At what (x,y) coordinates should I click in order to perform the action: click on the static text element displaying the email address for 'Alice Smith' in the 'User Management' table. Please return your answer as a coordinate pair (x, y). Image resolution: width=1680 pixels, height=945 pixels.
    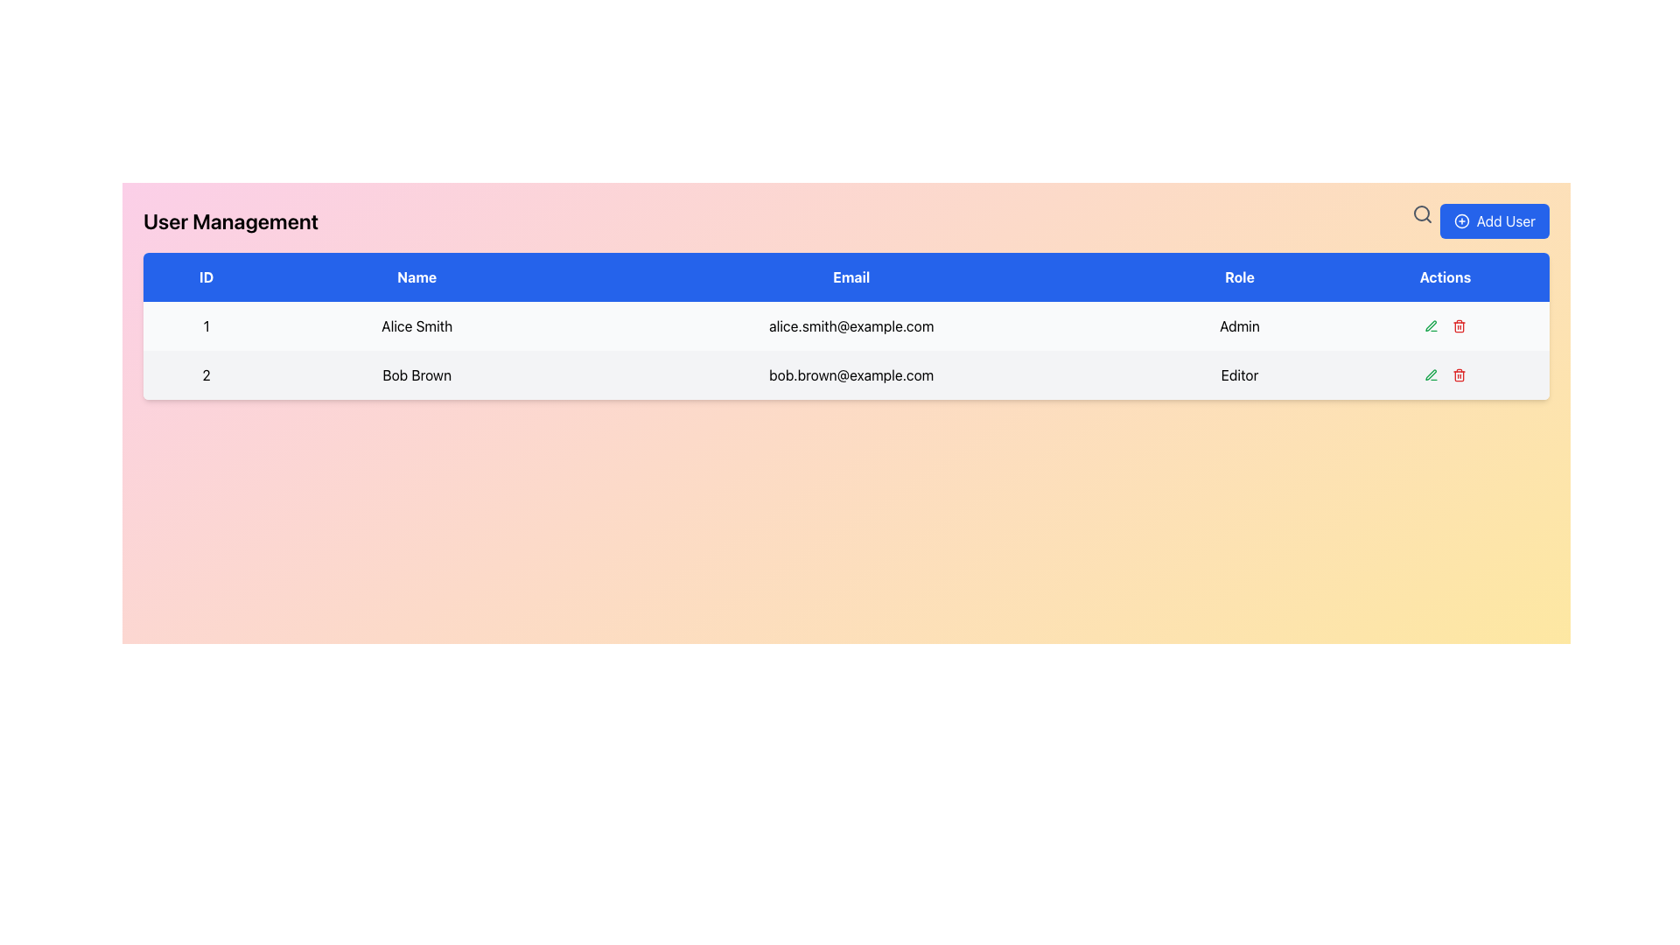
    Looking at the image, I should click on (851, 326).